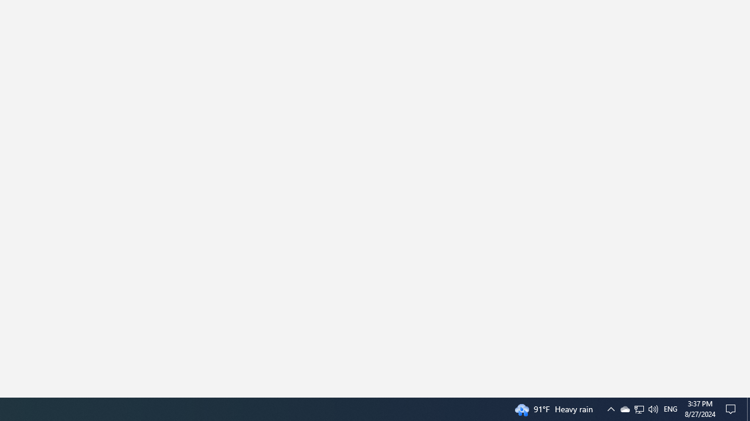  What do you see at coordinates (624, 408) in the screenshot?
I see `'Q2790: 100%'` at bounding box center [624, 408].